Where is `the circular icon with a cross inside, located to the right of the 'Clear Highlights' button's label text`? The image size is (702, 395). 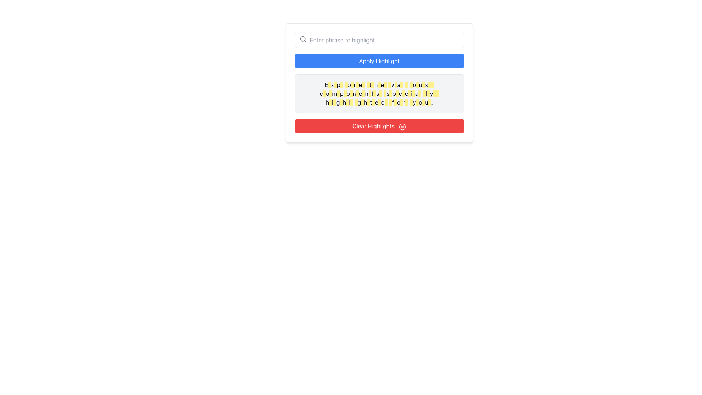
the circular icon with a cross inside, located to the right of the 'Clear Highlights' button's label text is located at coordinates (402, 126).